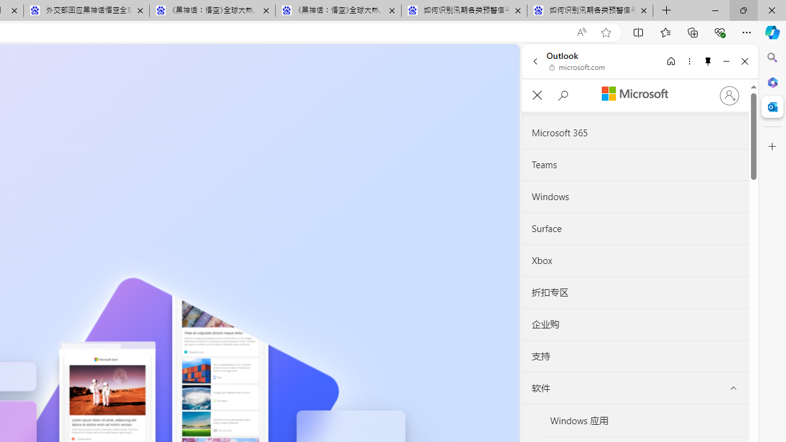 The height and width of the screenshot is (442, 786). Describe the element at coordinates (772, 146) in the screenshot. I see `'Customize'` at that location.